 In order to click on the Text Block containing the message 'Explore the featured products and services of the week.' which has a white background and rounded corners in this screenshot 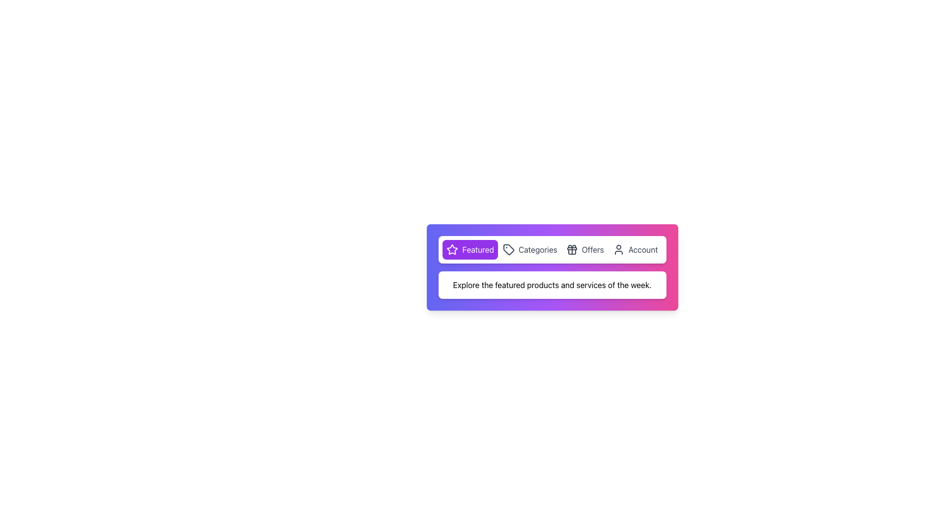, I will do `click(552, 285)`.